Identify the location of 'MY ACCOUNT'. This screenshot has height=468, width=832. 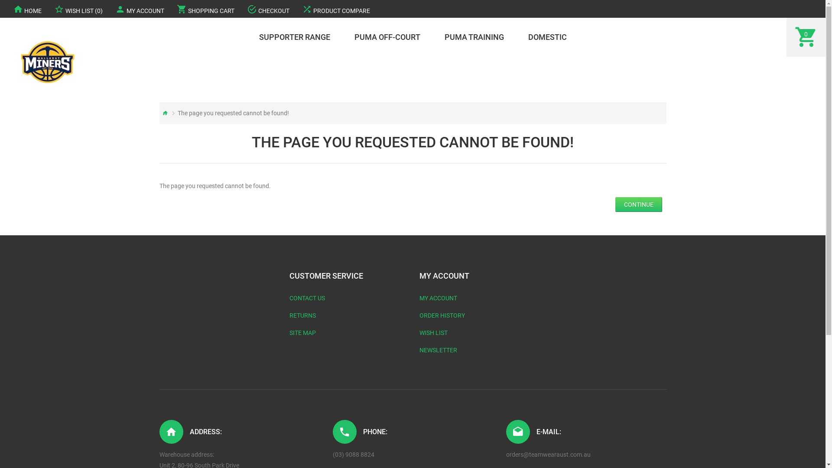
(140, 9).